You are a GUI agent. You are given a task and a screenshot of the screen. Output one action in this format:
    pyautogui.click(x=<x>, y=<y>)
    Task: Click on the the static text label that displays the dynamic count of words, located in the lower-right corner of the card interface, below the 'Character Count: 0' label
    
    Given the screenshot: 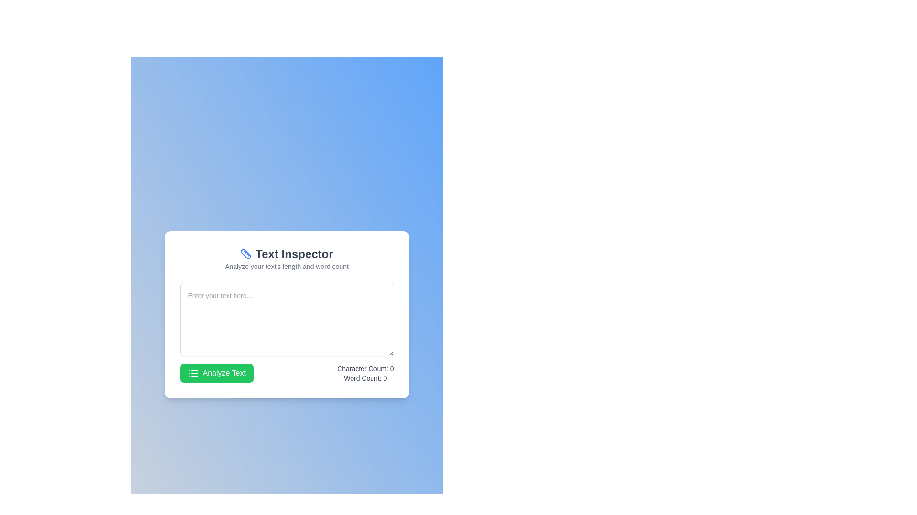 What is the action you would take?
    pyautogui.click(x=365, y=378)
    